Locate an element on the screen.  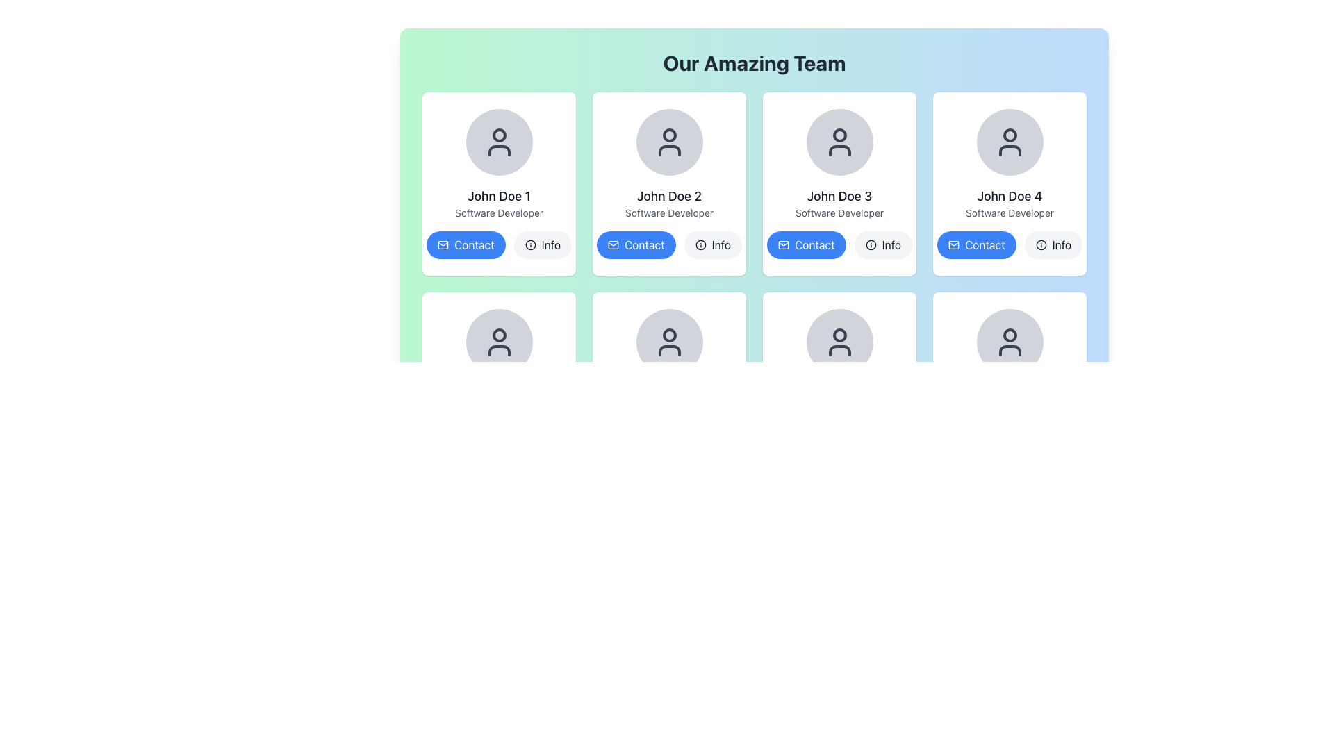
the user icon graphic of 'John Doe 2' in the profile card, which is a dark gray minimalist profile silhouette within a circular frame, located in the second column of the first row of the 'Our Amazing Team' grid is located at coordinates (669, 142).